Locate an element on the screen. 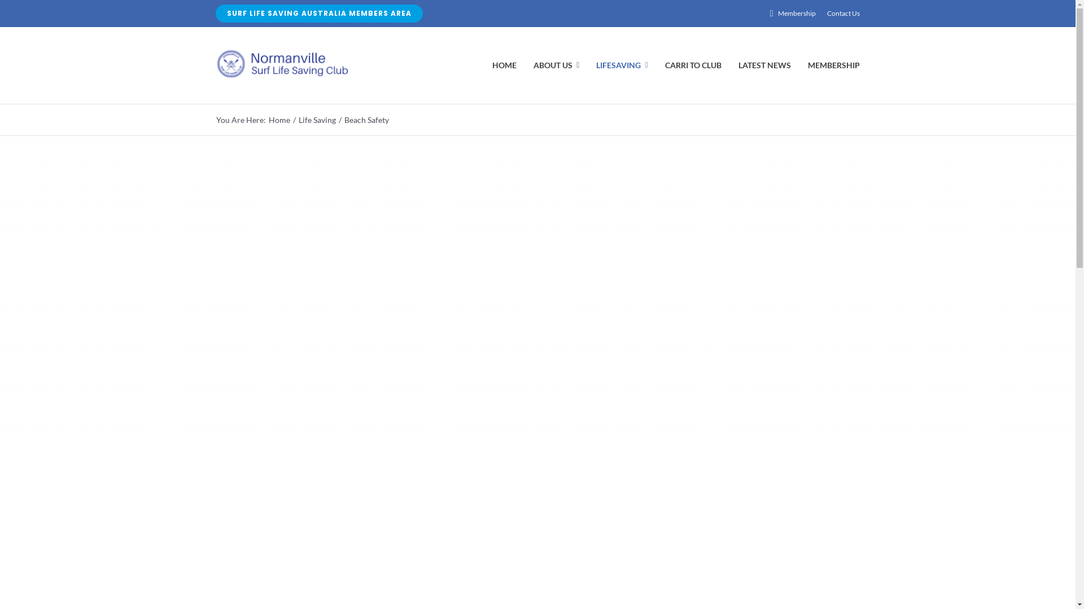 This screenshot has height=609, width=1084. 'ABOUT US' is located at coordinates (533, 65).